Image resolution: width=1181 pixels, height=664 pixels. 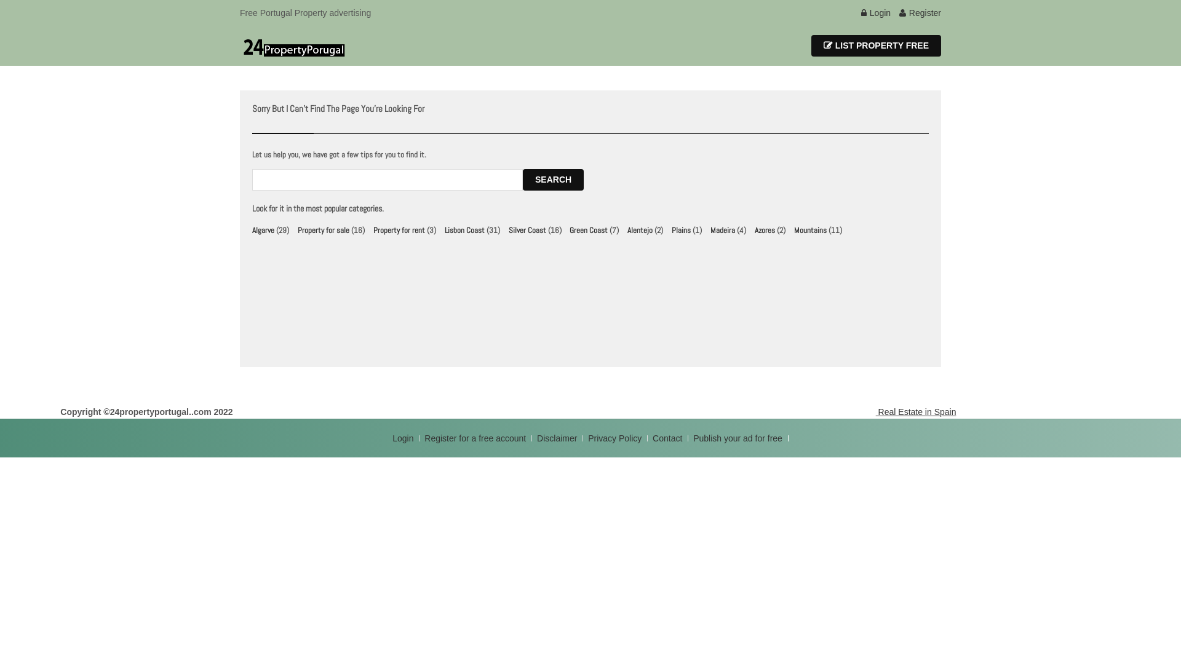 What do you see at coordinates (552, 180) in the screenshot?
I see `'SEARCH'` at bounding box center [552, 180].